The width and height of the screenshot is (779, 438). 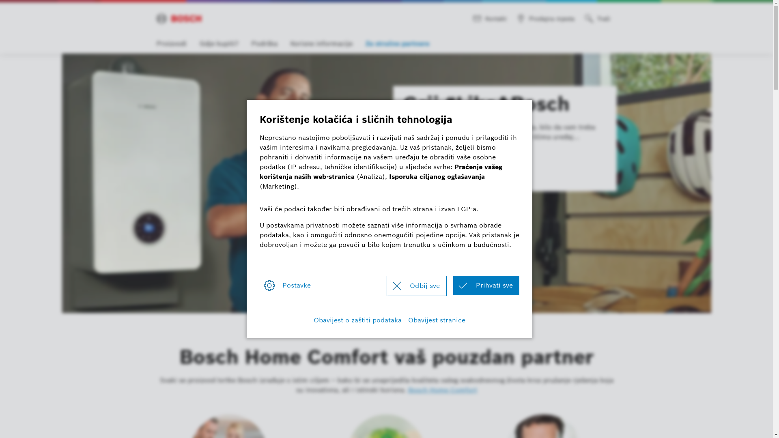 What do you see at coordinates (442, 389) in the screenshot?
I see `'Bosch Home Comfort'` at bounding box center [442, 389].